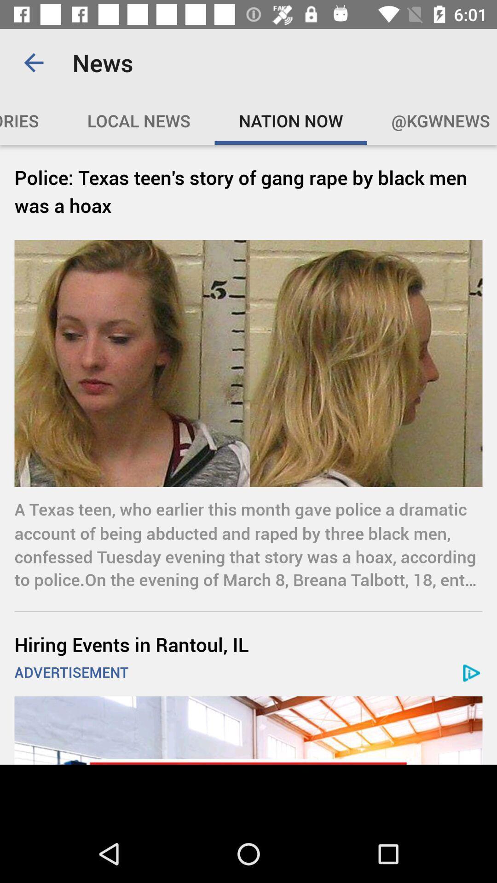 This screenshot has height=883, width=497. I want to click on advertisement, so click(248, 730).